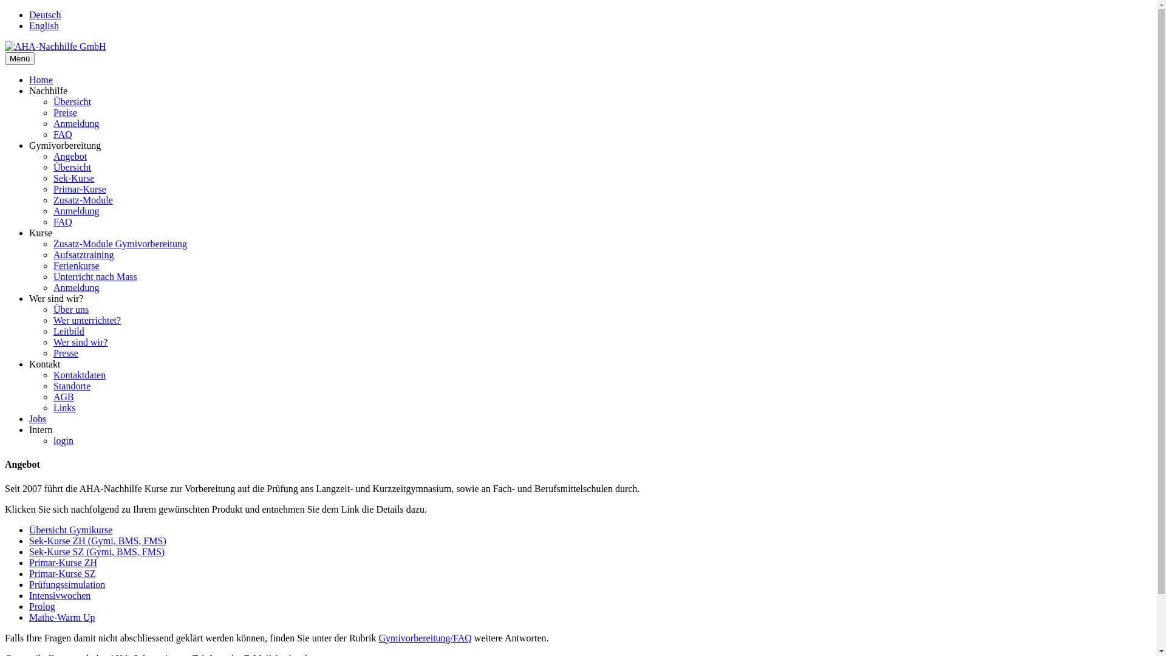 The height and width of the screenshot is (656, 1166). What do you see at coordinates (73, 178) in the screenshot?
I see `'Sek-Kurse'` at bounding box center [73, 178].